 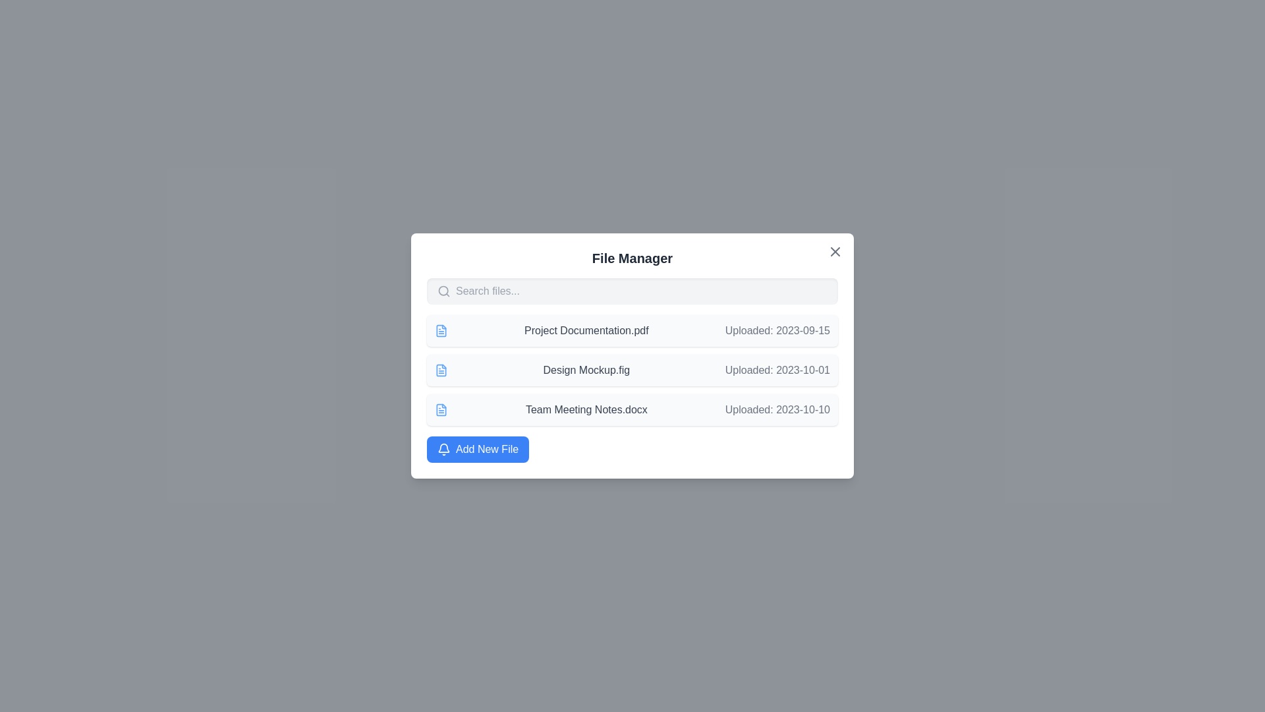 What do you see at coordinates (586, 330) in the screenshot?
I see `the label representing the name of a file in the second row of the file list in the file manager interface, located between the document icon and the upload date text 'Uploaded: 2023-09-15'` at bounding box center [586, 330].